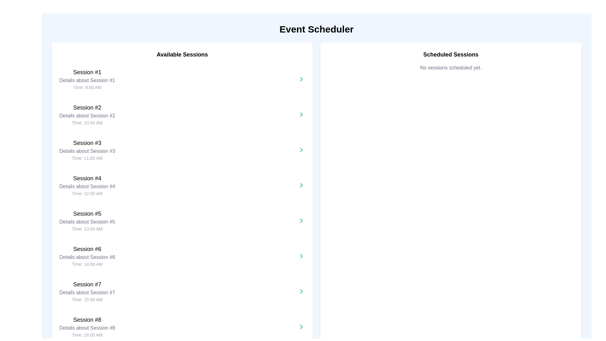  What do you see at coordinates (87, 220) in the screenshot?
I see `the 'Session #5' text block, which provides information about the session's title, details, and schedule time, located under the 'Available Sessions' section` at bounding box center [87, 220].